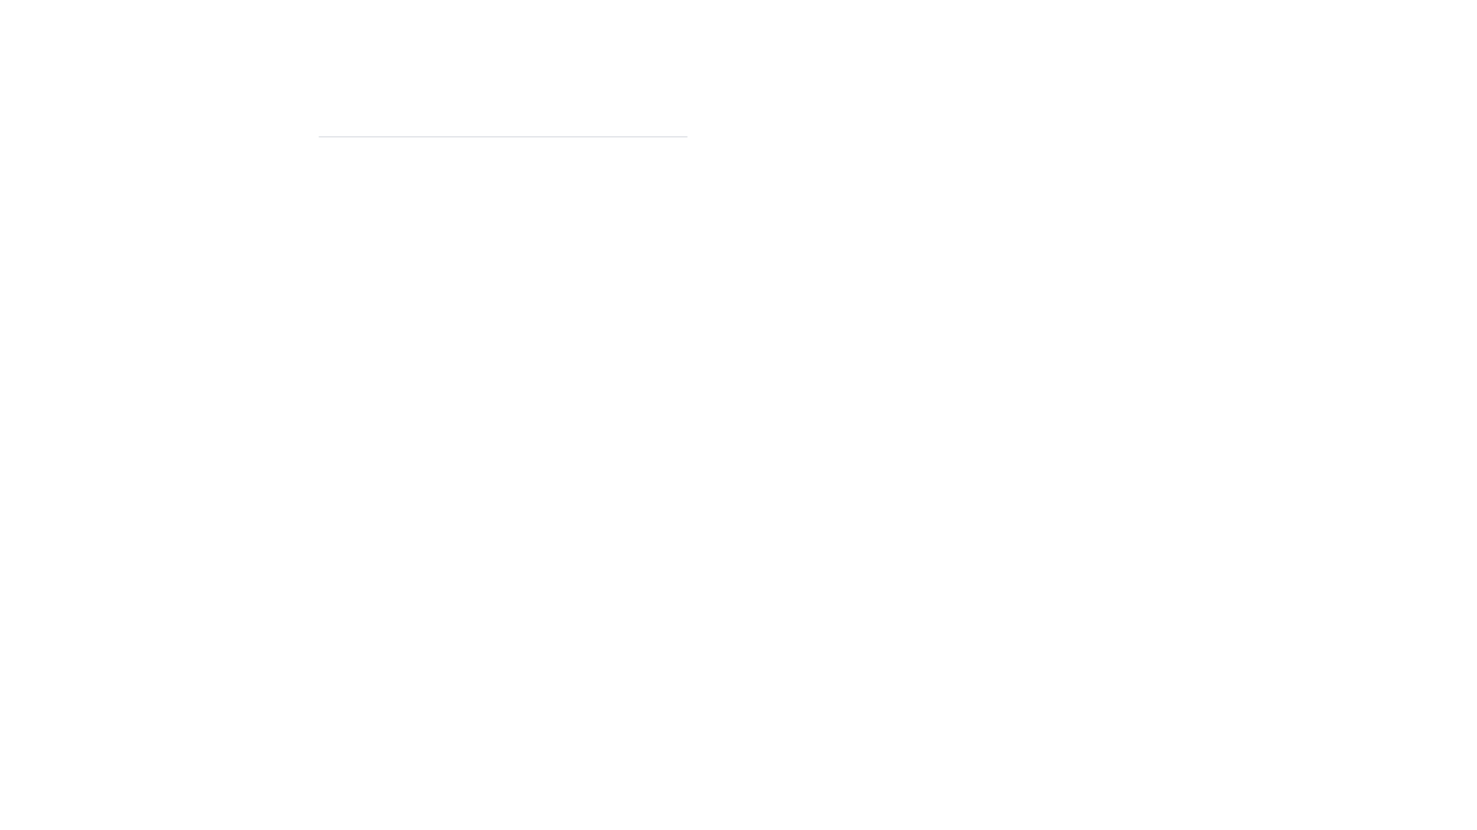 The image size is (1477, 830). What do you see at coordinates (502, 135) in the screenshot?
I see `the thin horizontal line Divider located at the upper section of the application interface by moving the mouse cursor to its center point` at bounding box center [502, 135].